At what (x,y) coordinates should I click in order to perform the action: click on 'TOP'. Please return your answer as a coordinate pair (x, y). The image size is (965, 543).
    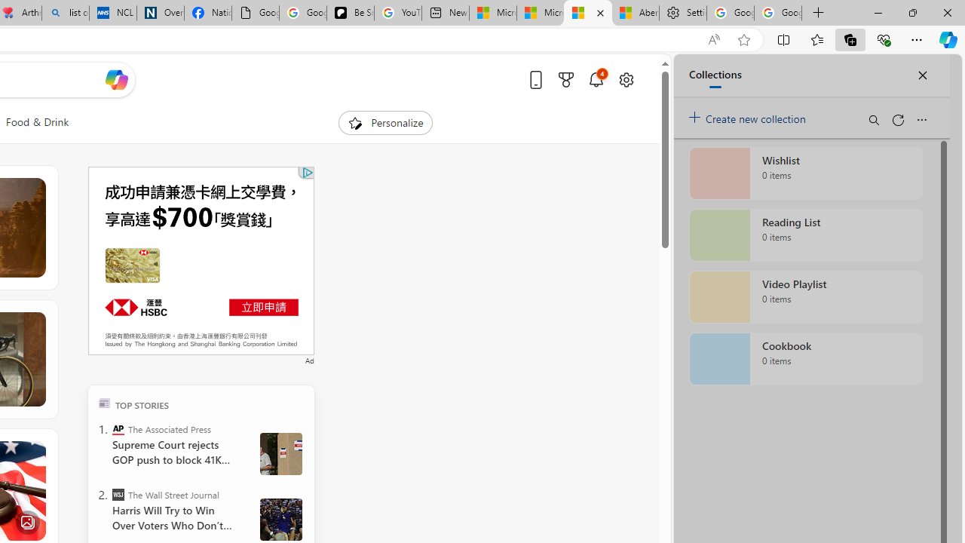
    Looking at the image, I should click on (103, 402).